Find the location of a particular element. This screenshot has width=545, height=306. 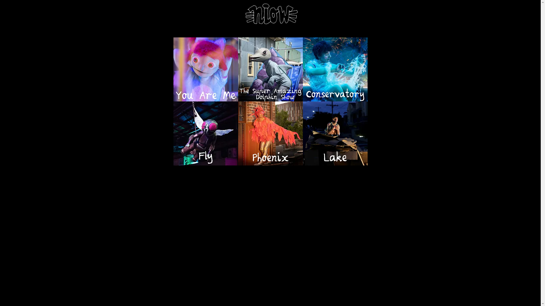

'niow home' is located at coordinates (270, 14).